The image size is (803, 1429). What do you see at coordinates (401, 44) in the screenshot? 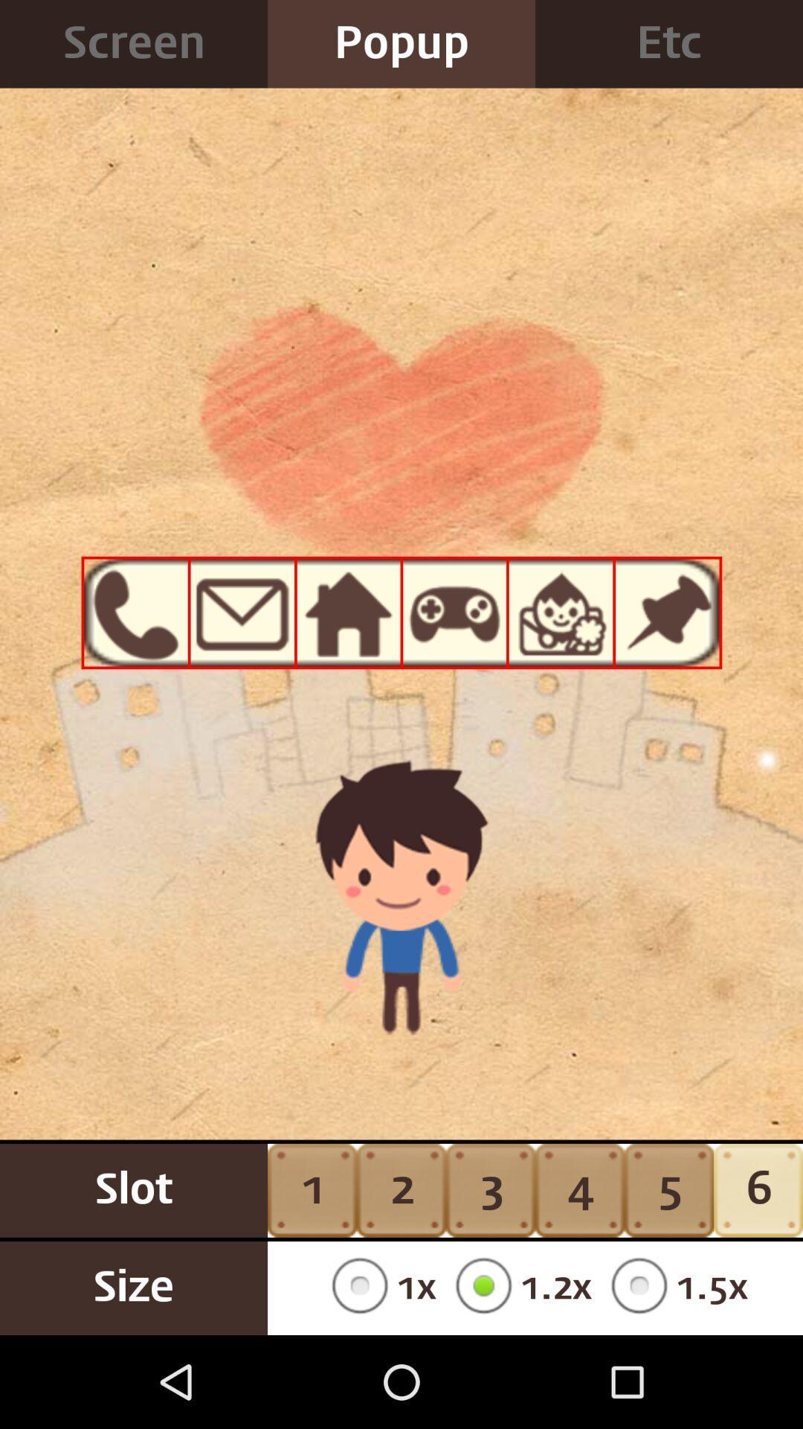
I see `the item next to the etc icon` at bounding box center [401, 44].